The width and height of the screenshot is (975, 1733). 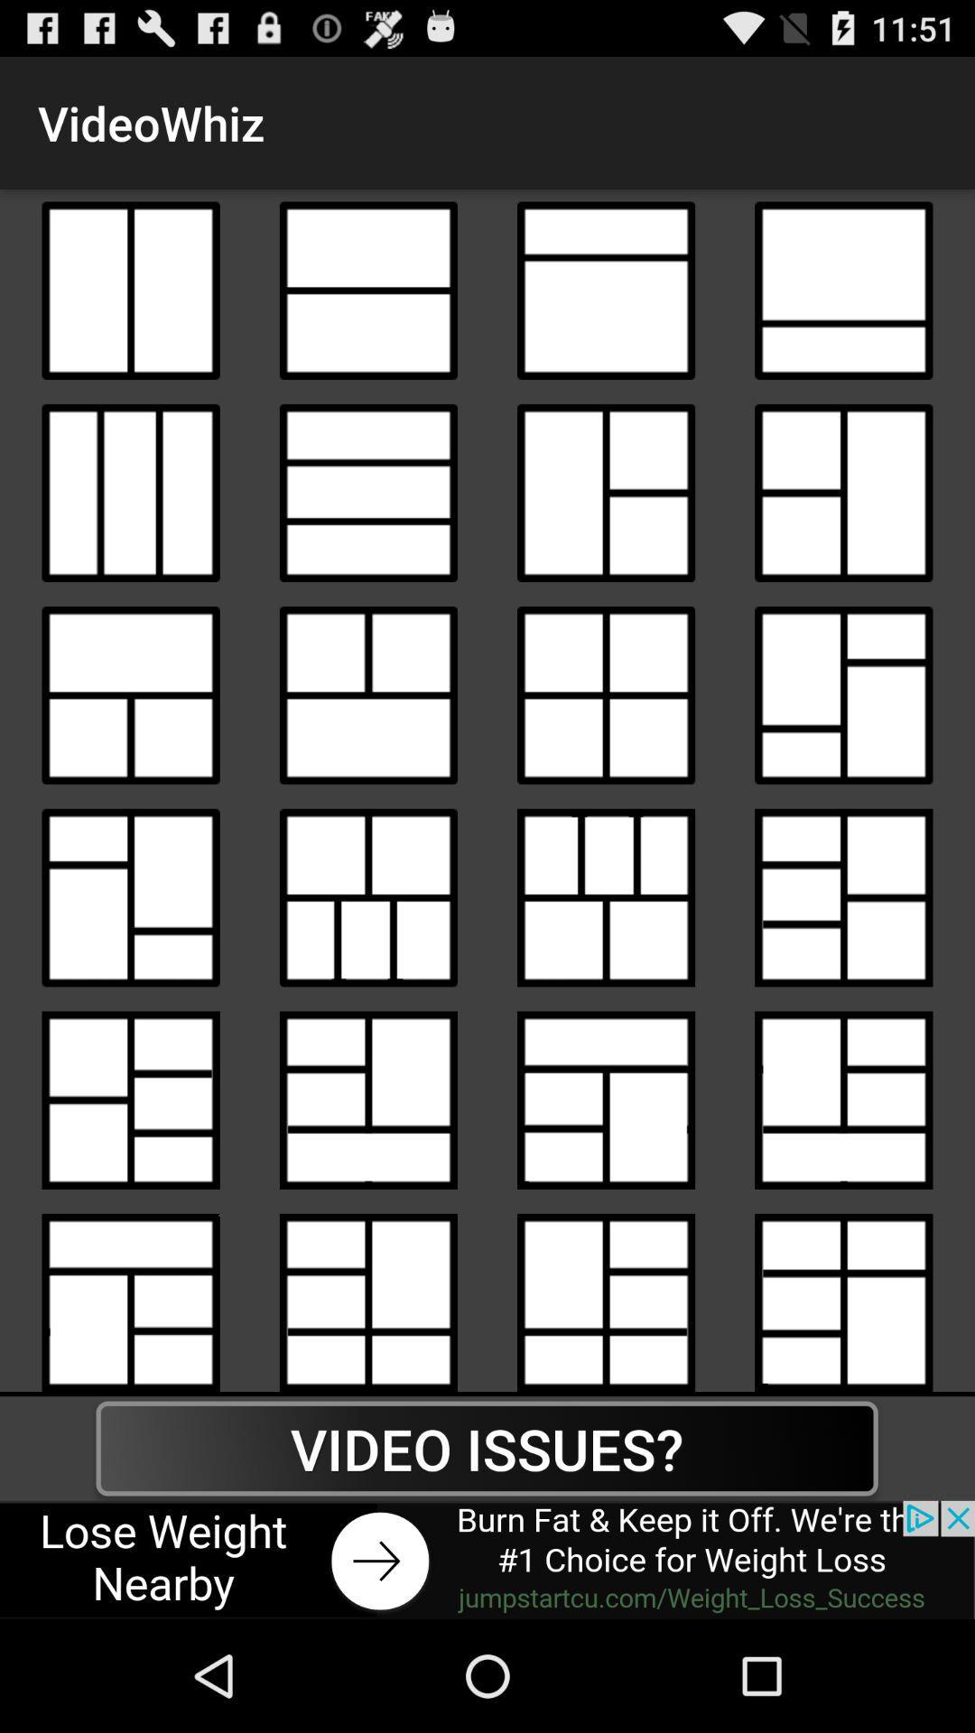 What do you see at coordinates (606, 493) in the screenshot?
I see `design` at bounding box center [606, 493].